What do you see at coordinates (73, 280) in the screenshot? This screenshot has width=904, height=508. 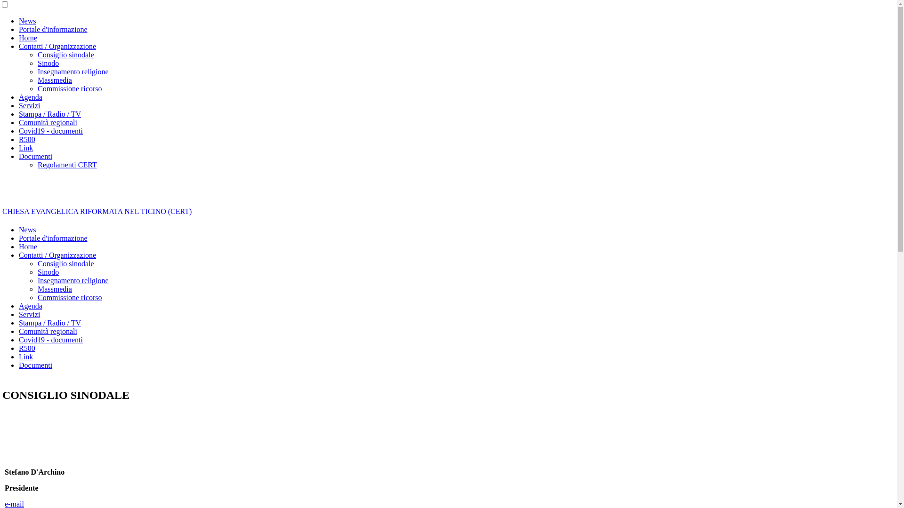 I see `'Insegnamento religione'` at bounding box center [73, 280].